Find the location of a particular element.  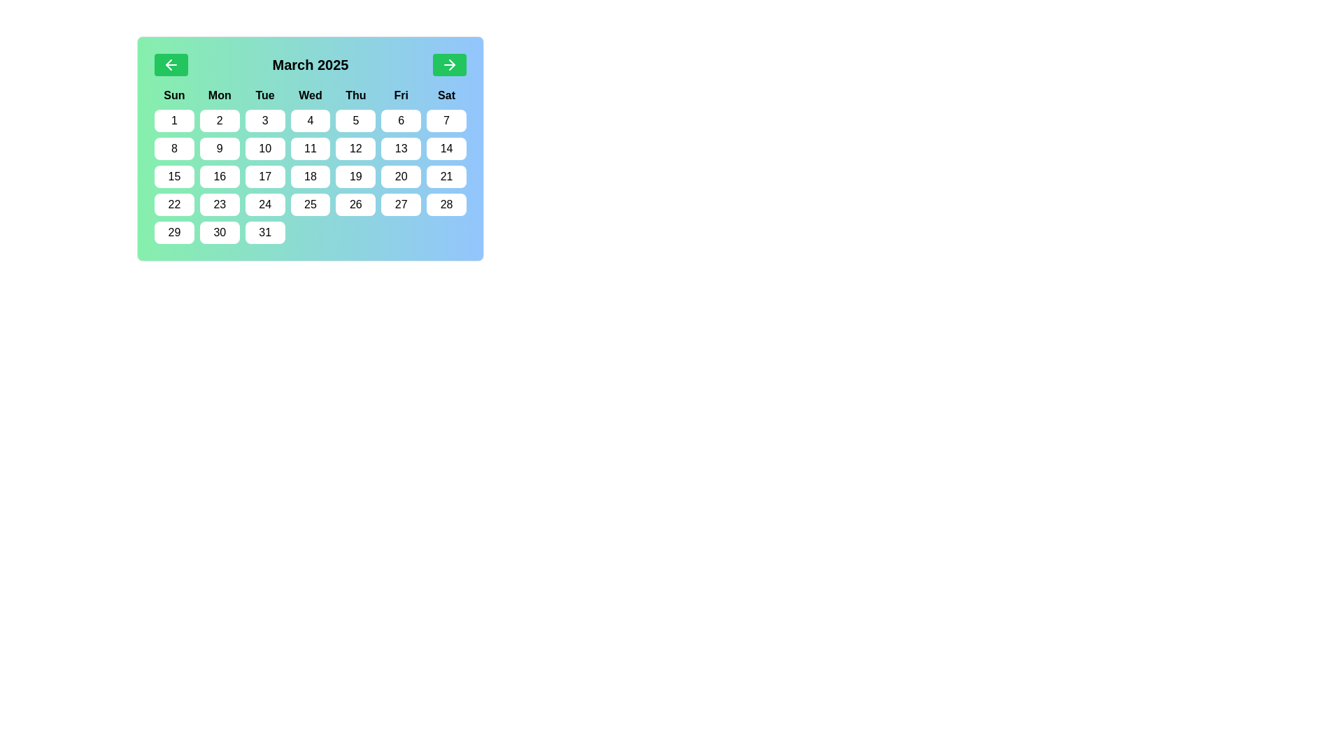

the navigation icon within the green button located on the right side of the calendar header is located at coordinates (450, 64).